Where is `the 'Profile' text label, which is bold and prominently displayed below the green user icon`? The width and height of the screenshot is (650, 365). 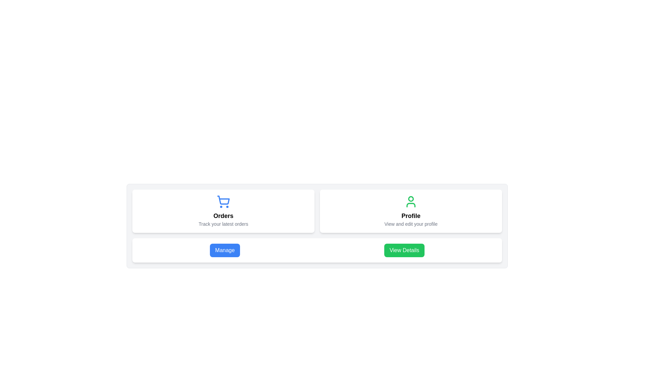 the 'Profile' text label, which is bold and prominently displayed below the green user icon is located at coordinates (411, 216).